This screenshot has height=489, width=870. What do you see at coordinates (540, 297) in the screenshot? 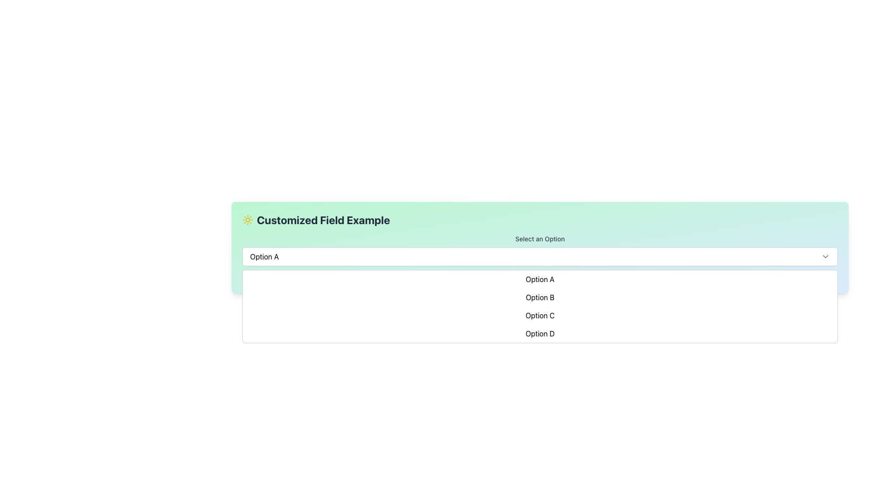
I see `the dropdown menu item labeled 'Option B'` at bounding box center [540, 297].